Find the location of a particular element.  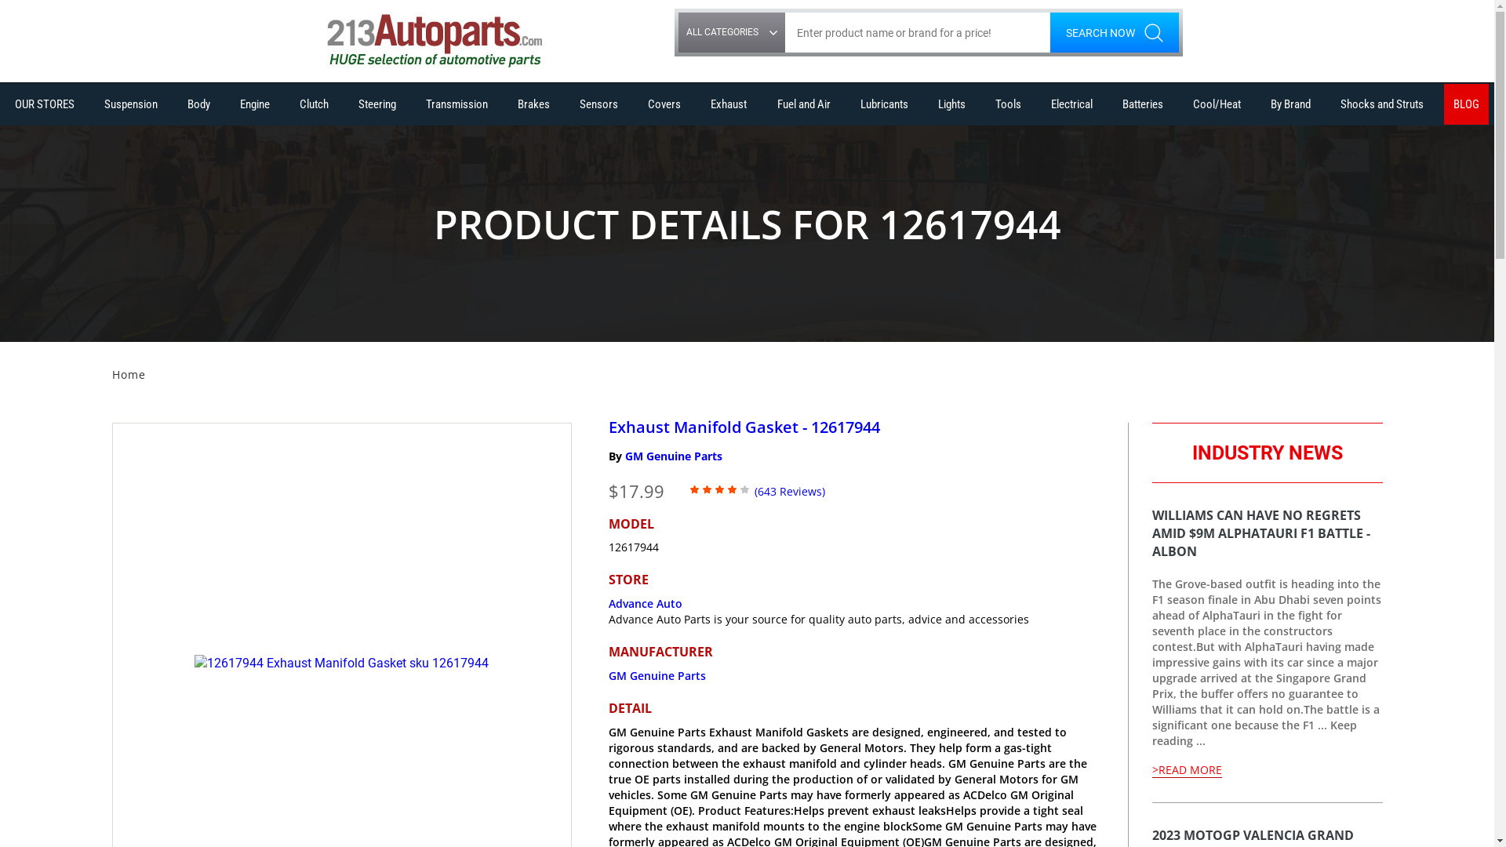

'Exhaust' is located at coordinates (728, 104).